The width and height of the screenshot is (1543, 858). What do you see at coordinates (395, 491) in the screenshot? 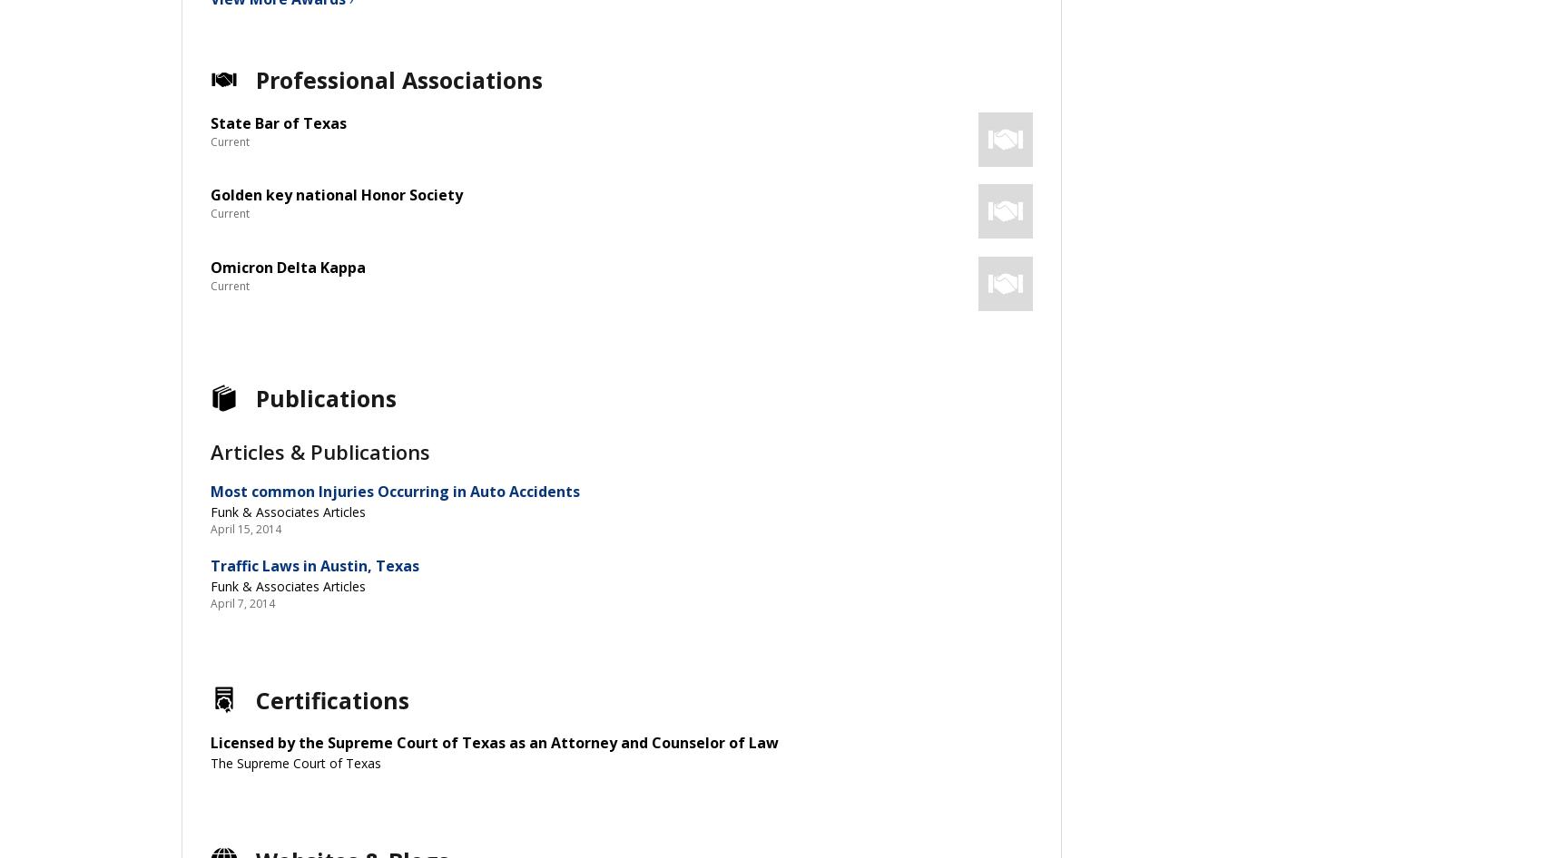
I see `'Most common Injuries Occurring in Auto Accidents'` at bounding box center [395, 491].